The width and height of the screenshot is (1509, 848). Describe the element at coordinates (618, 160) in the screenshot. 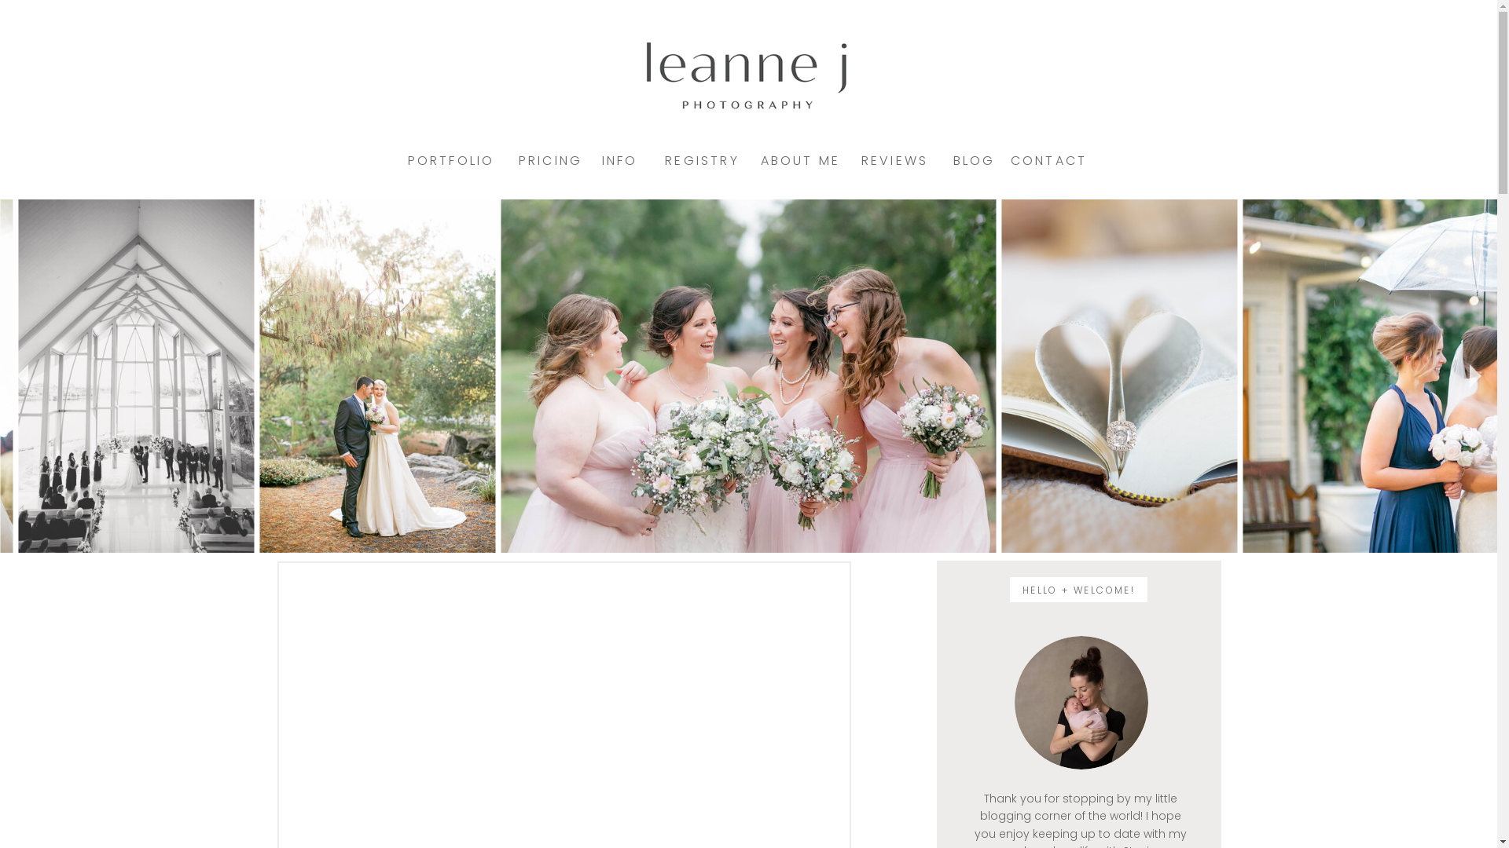

I see `'INFO'` at that location.